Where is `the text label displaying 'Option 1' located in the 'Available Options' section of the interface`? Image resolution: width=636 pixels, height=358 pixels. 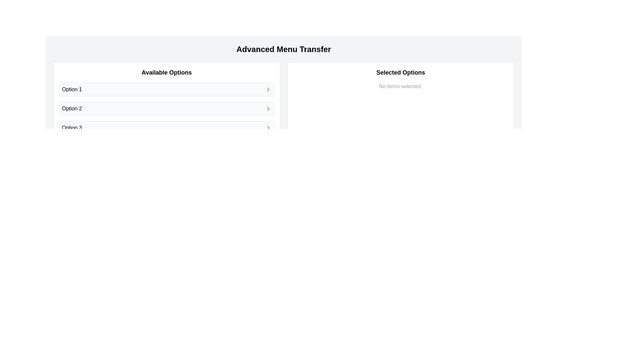 the text label displaying 'Option 1' located in the 'Available Options' section of the interface is located at coordinates (72, 89).